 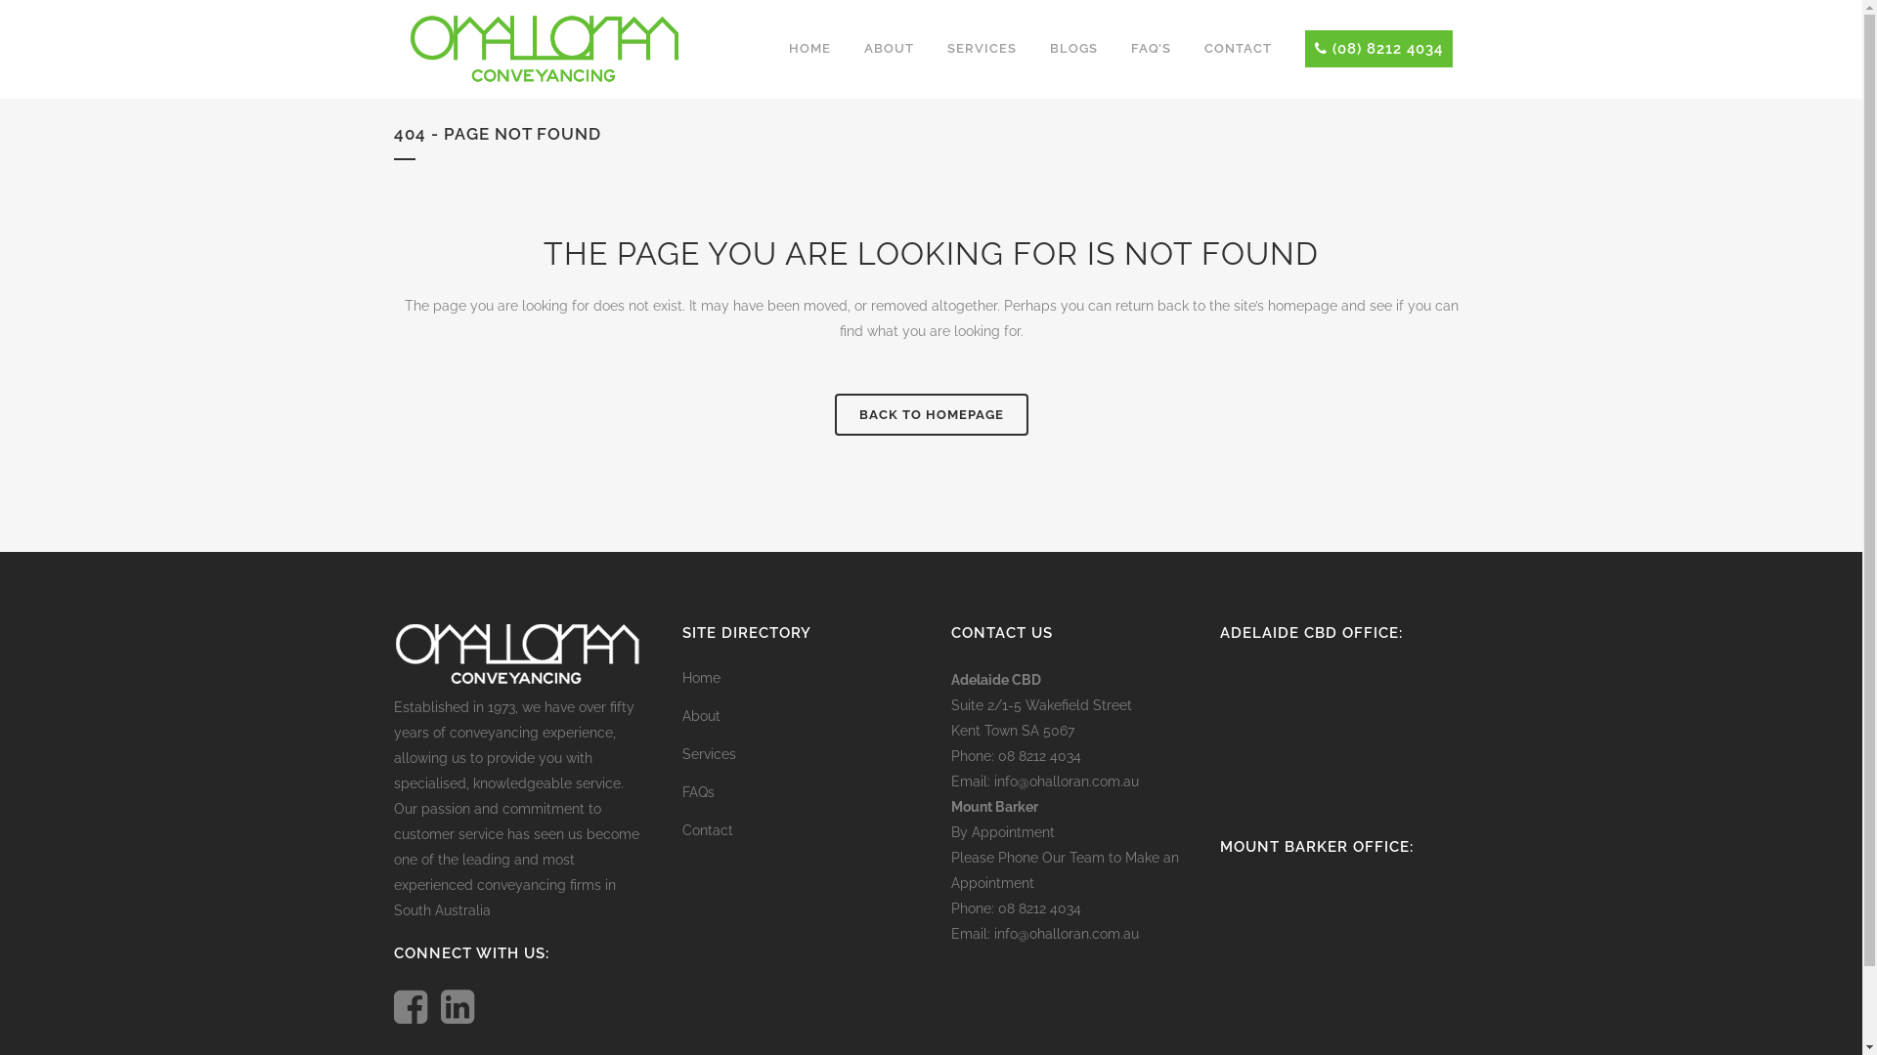 What do you see at coordinates (681, 752) in the screenshot?
I see `'Services'` at bounding box center [681, 752].